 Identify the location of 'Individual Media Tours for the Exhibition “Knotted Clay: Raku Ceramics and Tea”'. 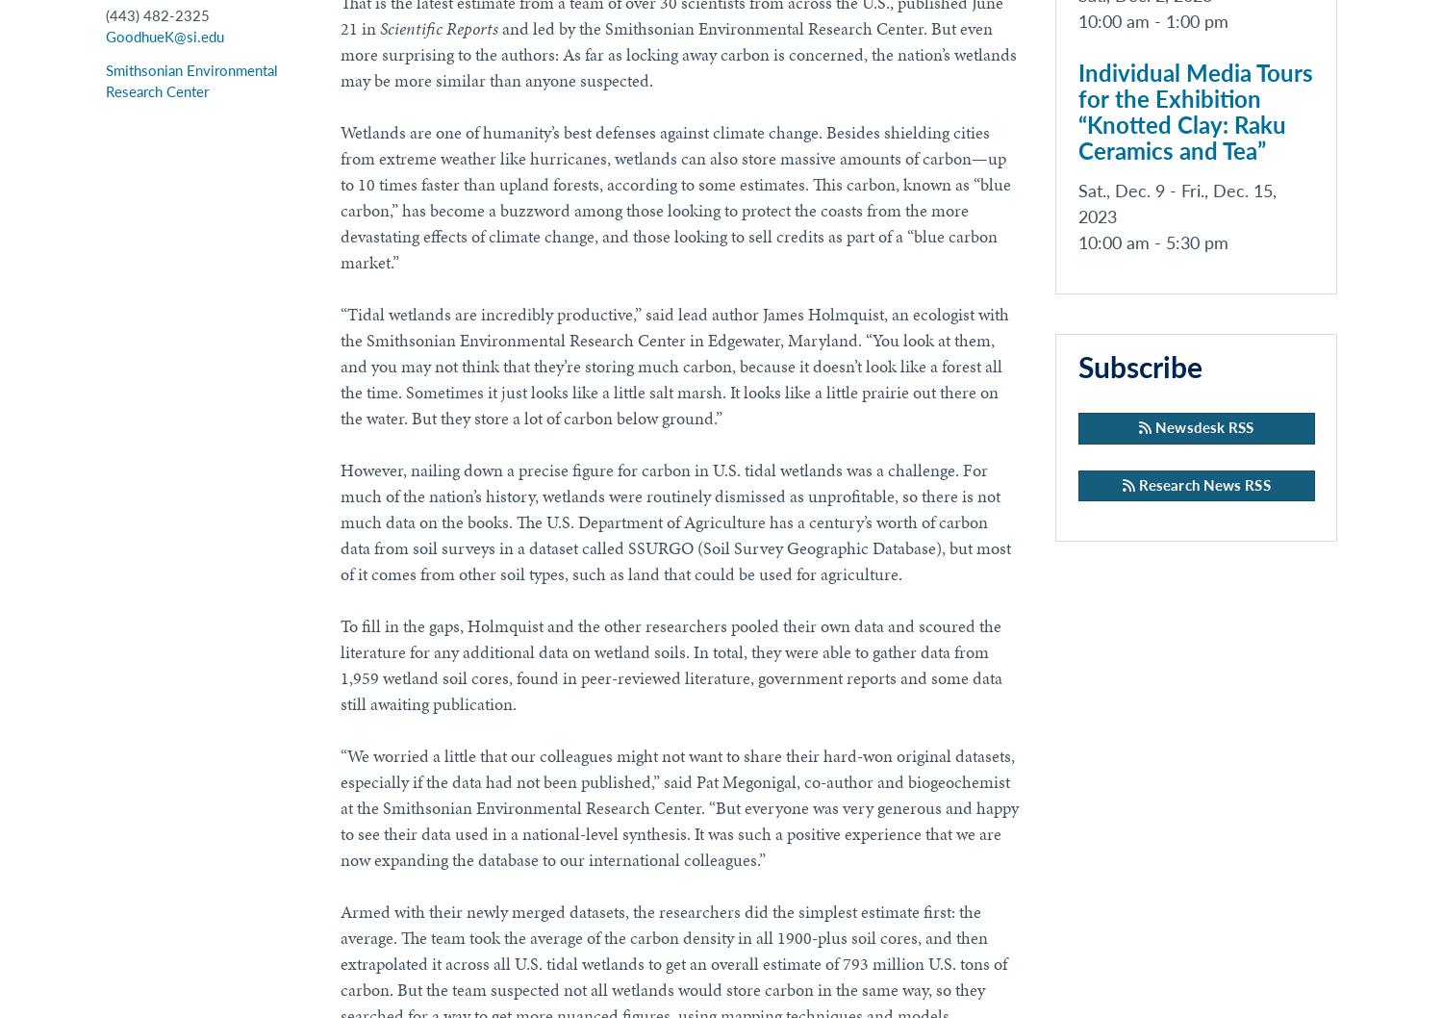
(1194, 112).